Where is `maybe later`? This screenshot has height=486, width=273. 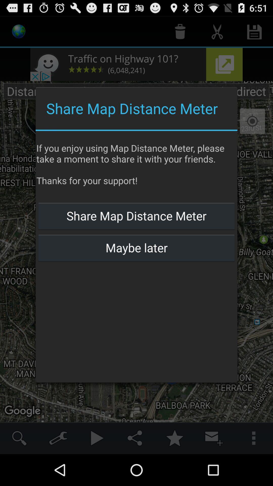 maybe later is located at coordinates (136, 248).